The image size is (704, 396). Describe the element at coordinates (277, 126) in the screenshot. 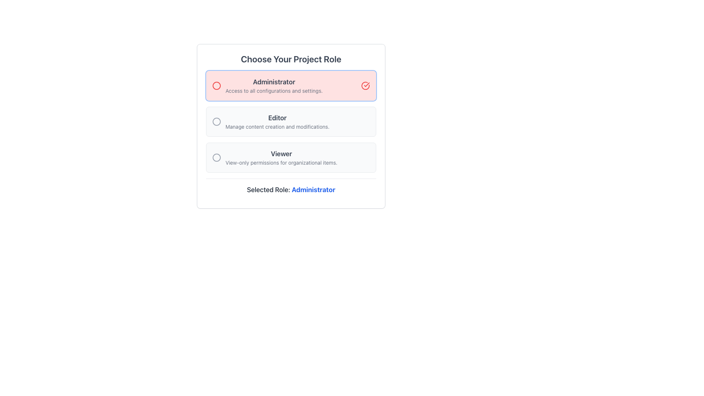

I see `the text label that says 'Manage content creation and modifications.', which is located directly below the title 'Editor'` at that location.